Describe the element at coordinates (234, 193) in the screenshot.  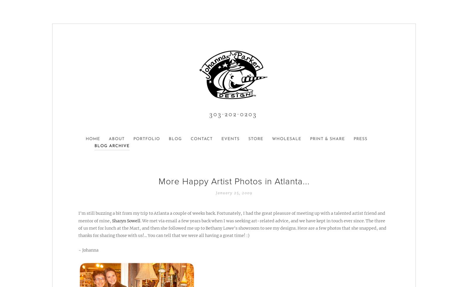
I see `'January 25, 2009'` at that location.